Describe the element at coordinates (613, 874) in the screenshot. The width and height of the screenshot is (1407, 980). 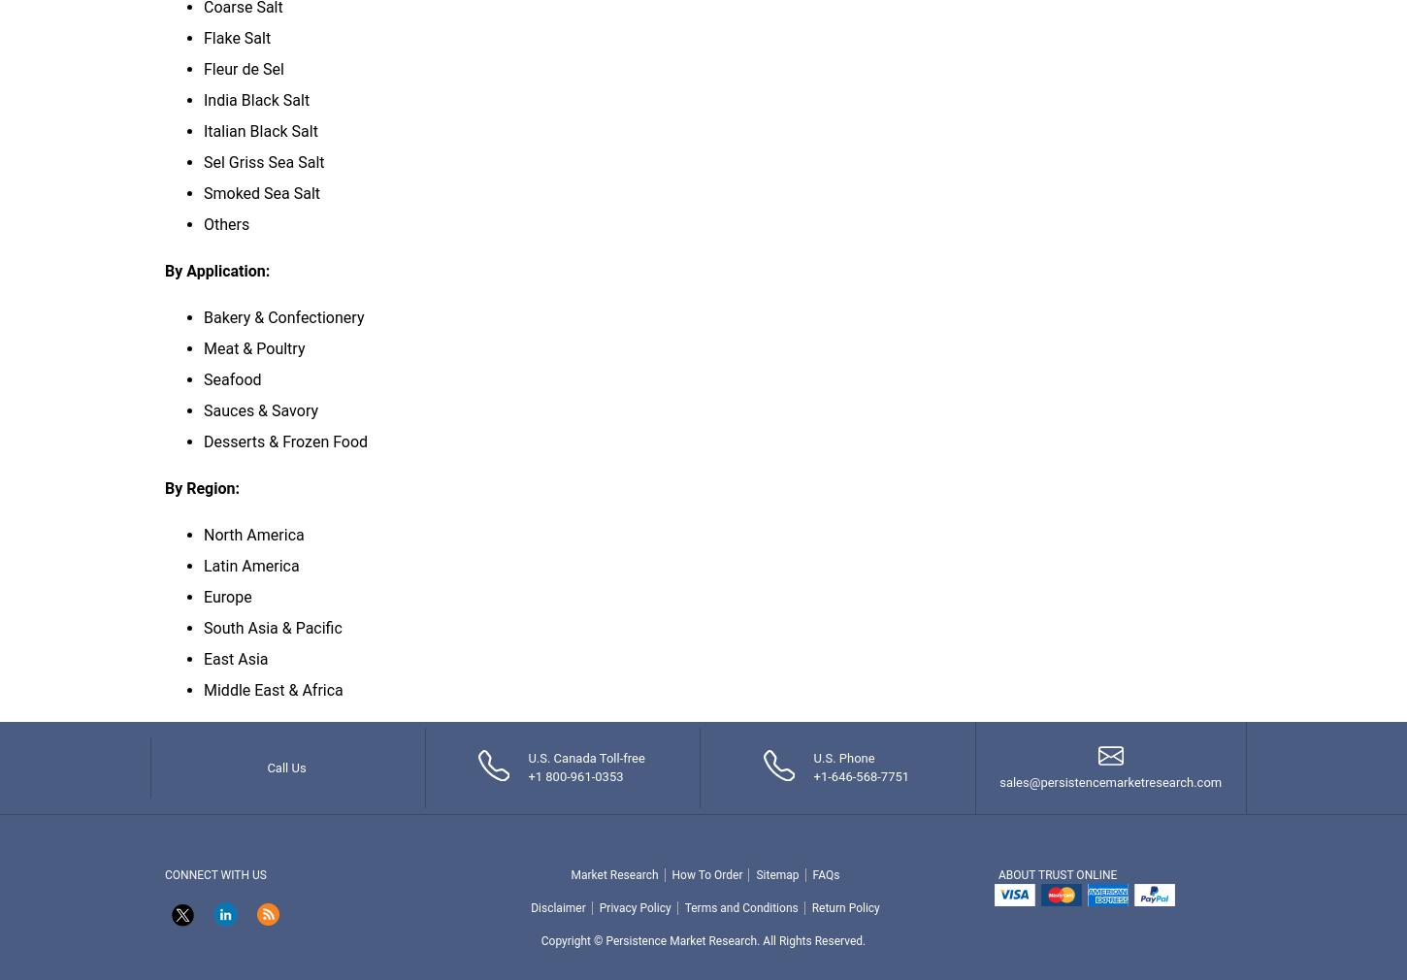
I see `'Market Research'` at that location.